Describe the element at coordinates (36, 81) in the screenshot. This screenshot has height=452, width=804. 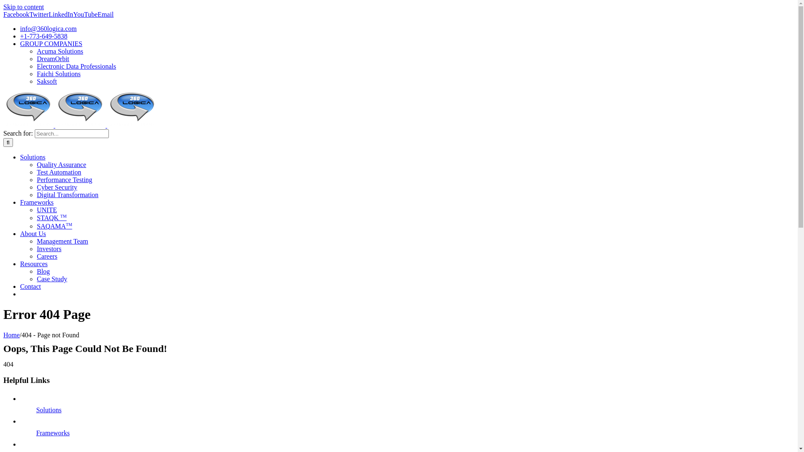
I see `'Saksoft'` at that location.